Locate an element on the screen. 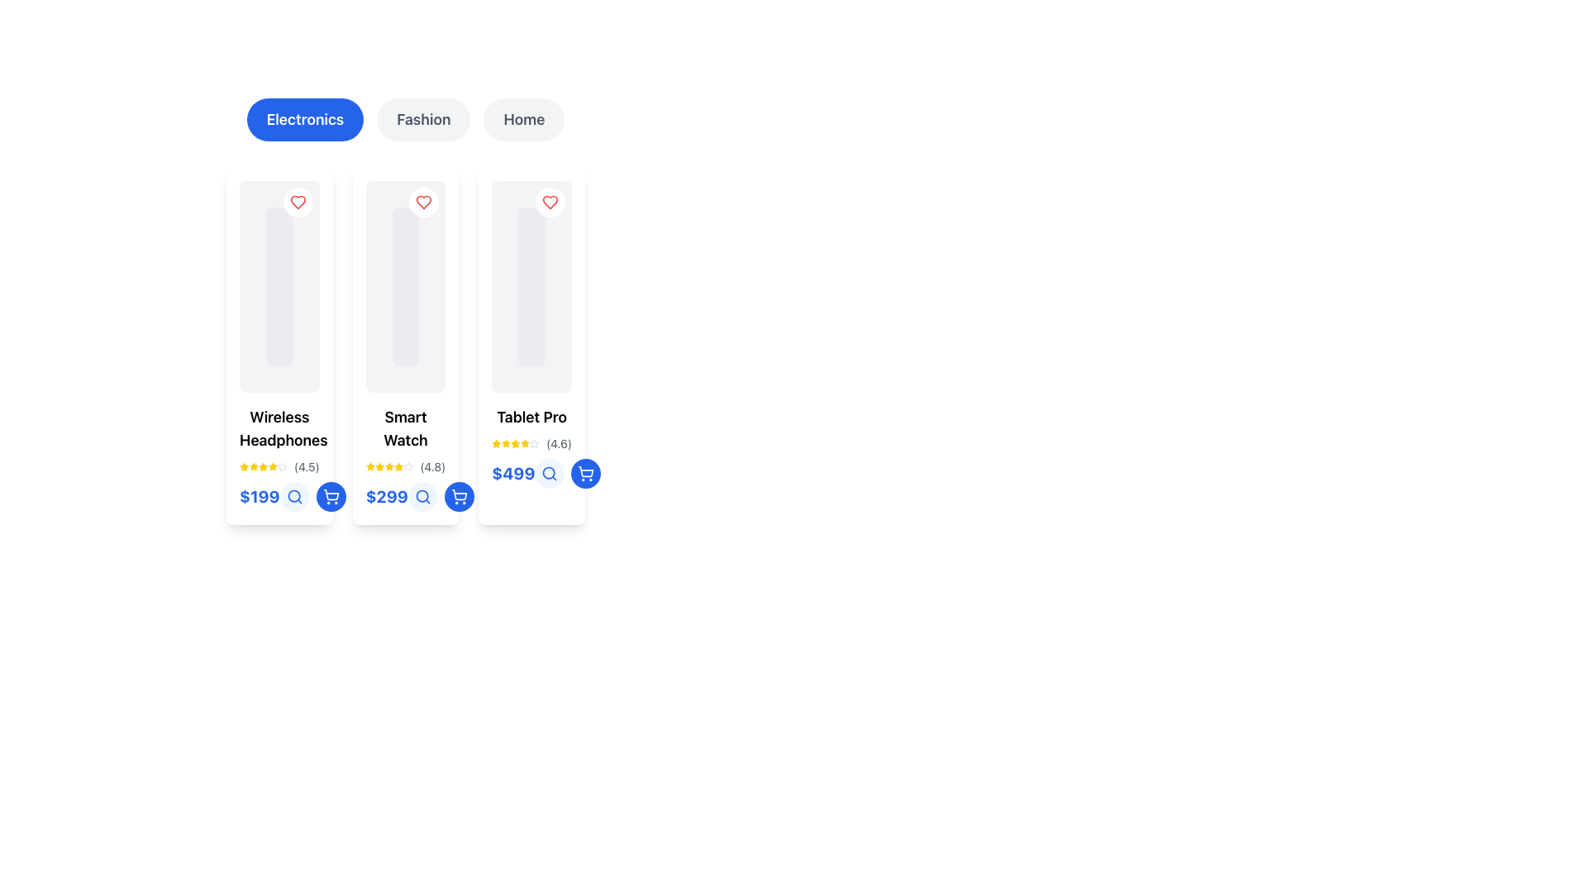 The height and width of the screenshot is (893, 1587). the fifth star icon with a gray outline in the rating widget below the 'Smart Watch' text to attempt rating is located at coordinates (408, 466).